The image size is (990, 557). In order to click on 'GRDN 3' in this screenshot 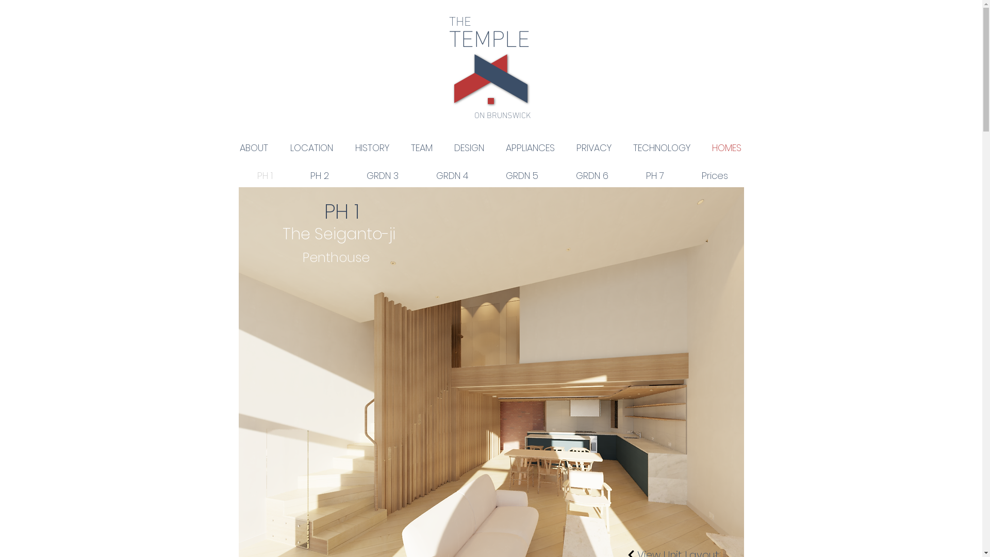, I will do `click(347, 175)`.